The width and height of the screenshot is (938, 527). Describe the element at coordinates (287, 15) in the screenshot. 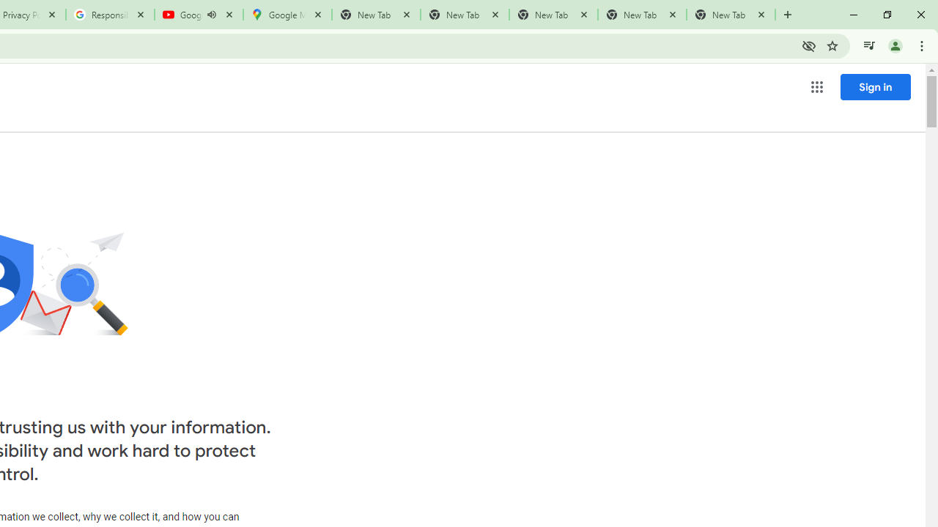

I see `'Google Maps'` at that location.